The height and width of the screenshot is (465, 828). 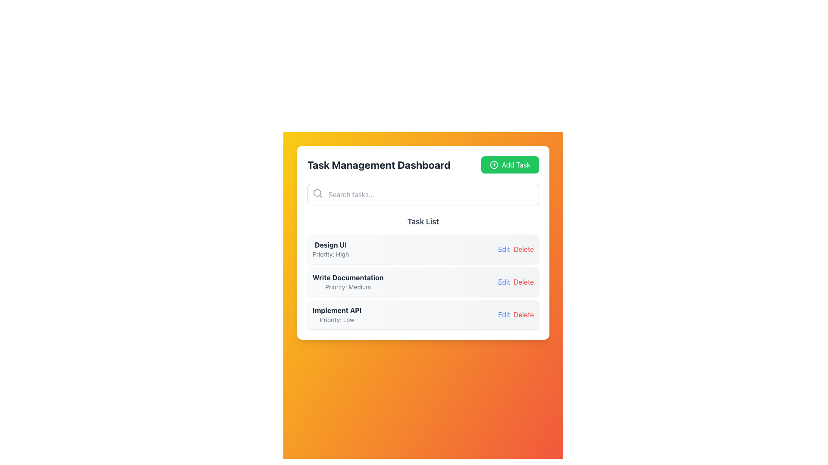 What do you see at coordinates (423, 249) in the screenshot?
I see `the first Task Card in the Task List, which displays the task's title, priority level, and options to edit or delete the task` at bounding box center [423, 249].